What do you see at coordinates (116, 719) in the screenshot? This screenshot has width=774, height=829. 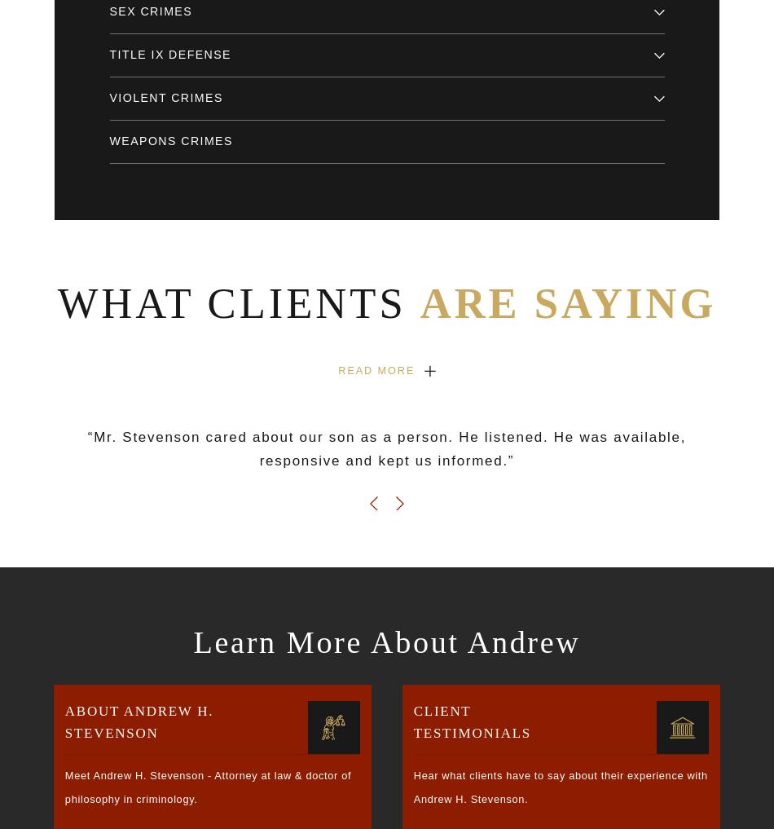 I see `'© 2023 All Rights Reserved.'` at bounding box center [116, 719].